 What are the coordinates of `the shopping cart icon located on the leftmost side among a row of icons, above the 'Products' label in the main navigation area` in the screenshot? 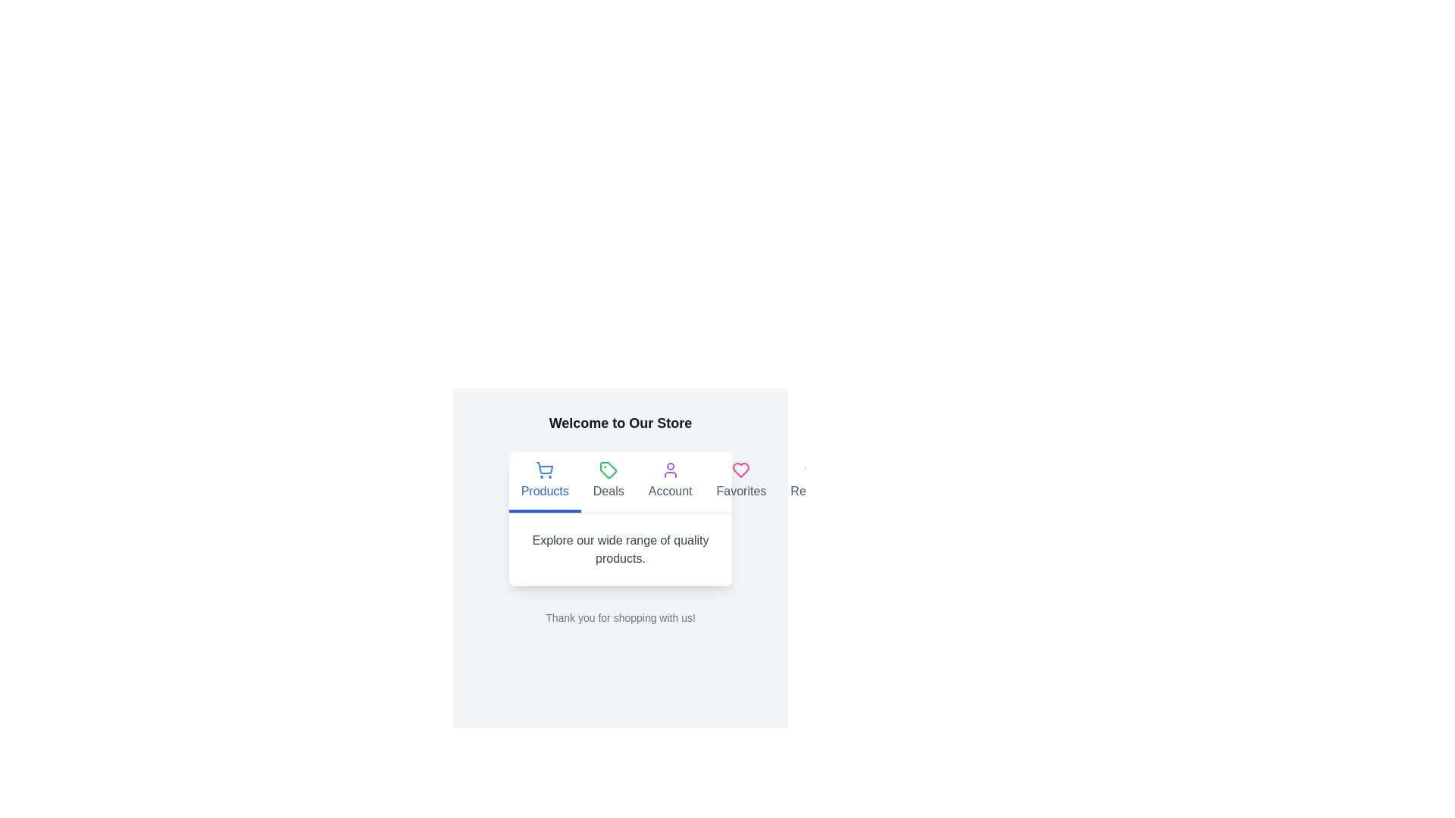 It's located at (545, 467).